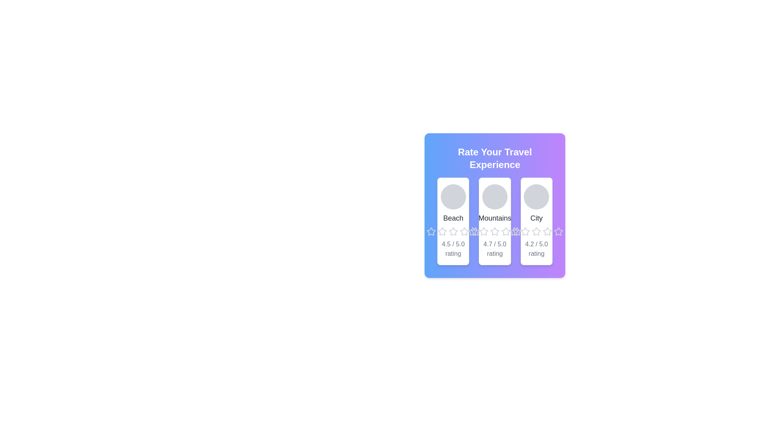 This screenshot has height=427, width=759. I want to click on the second star-shaped icon from the left in the group of five under the 'Mountains' section of the feedback interface to rate it, so click(464, 231).